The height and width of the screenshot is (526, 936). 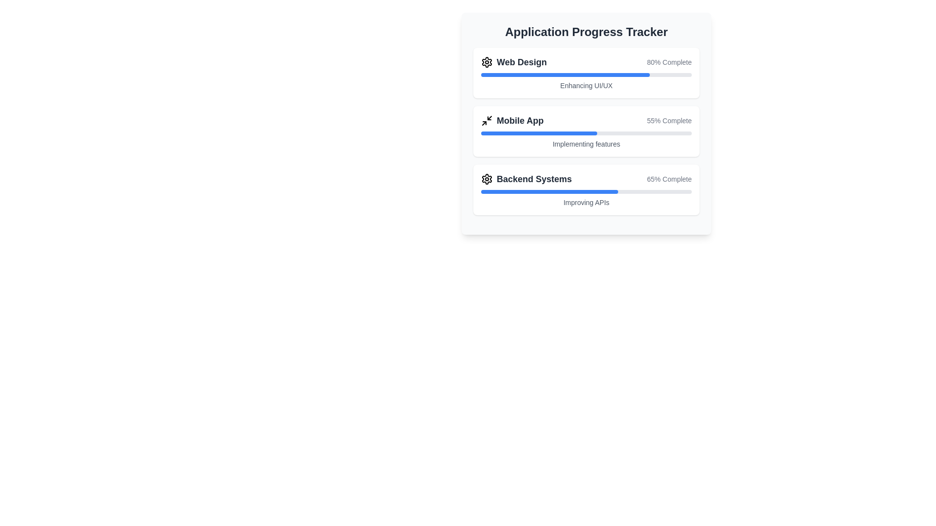 What do you see at coordinates (549, 191) in the screenshot?
I see `the Progress Bar Segment indicating 65% completion in the 'Backend Systems' section of the progress tracker` at bounding box center [549, 191].